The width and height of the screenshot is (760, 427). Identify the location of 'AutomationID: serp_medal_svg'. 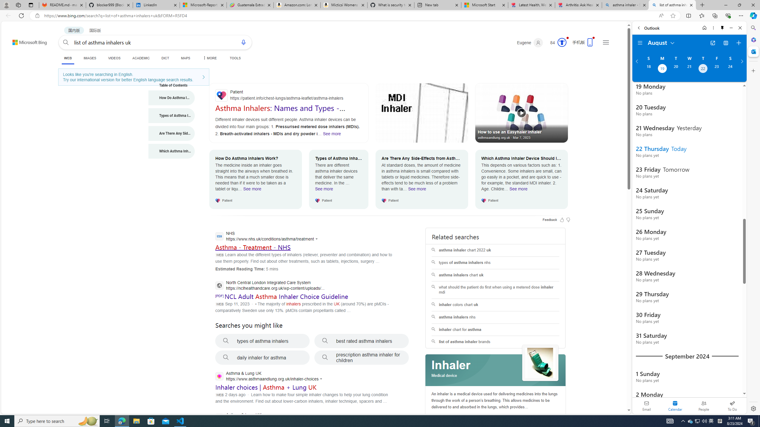
(562, 42).